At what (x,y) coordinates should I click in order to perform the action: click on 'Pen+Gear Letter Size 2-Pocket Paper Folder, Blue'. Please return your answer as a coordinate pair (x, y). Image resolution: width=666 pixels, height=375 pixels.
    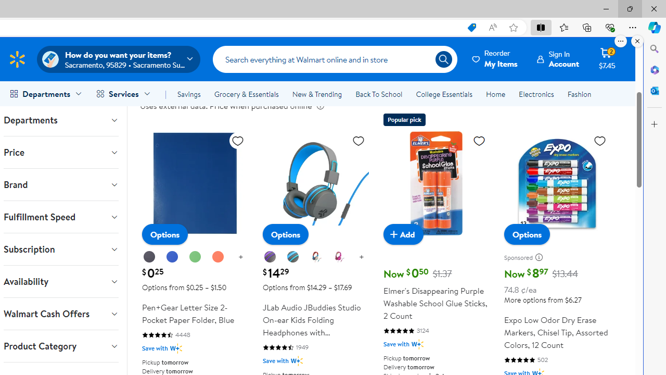
    Looking at the image, I should click on (195, 183).